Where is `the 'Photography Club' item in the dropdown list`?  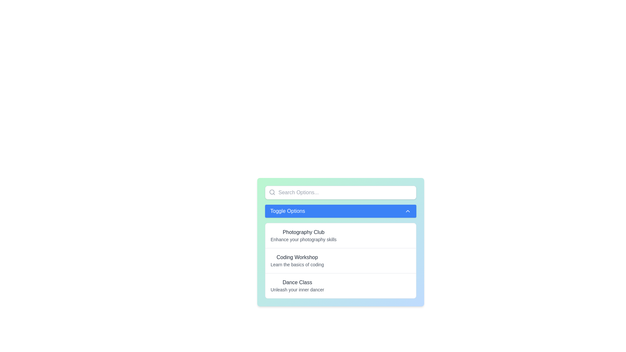 the 'Photography Club' item in the dropdown list is located at coordinates (303, 235).